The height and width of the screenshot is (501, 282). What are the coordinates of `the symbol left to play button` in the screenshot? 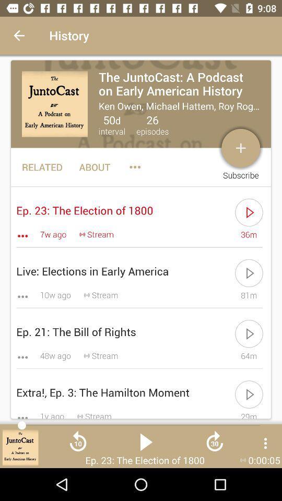 It's located at (77, 445).